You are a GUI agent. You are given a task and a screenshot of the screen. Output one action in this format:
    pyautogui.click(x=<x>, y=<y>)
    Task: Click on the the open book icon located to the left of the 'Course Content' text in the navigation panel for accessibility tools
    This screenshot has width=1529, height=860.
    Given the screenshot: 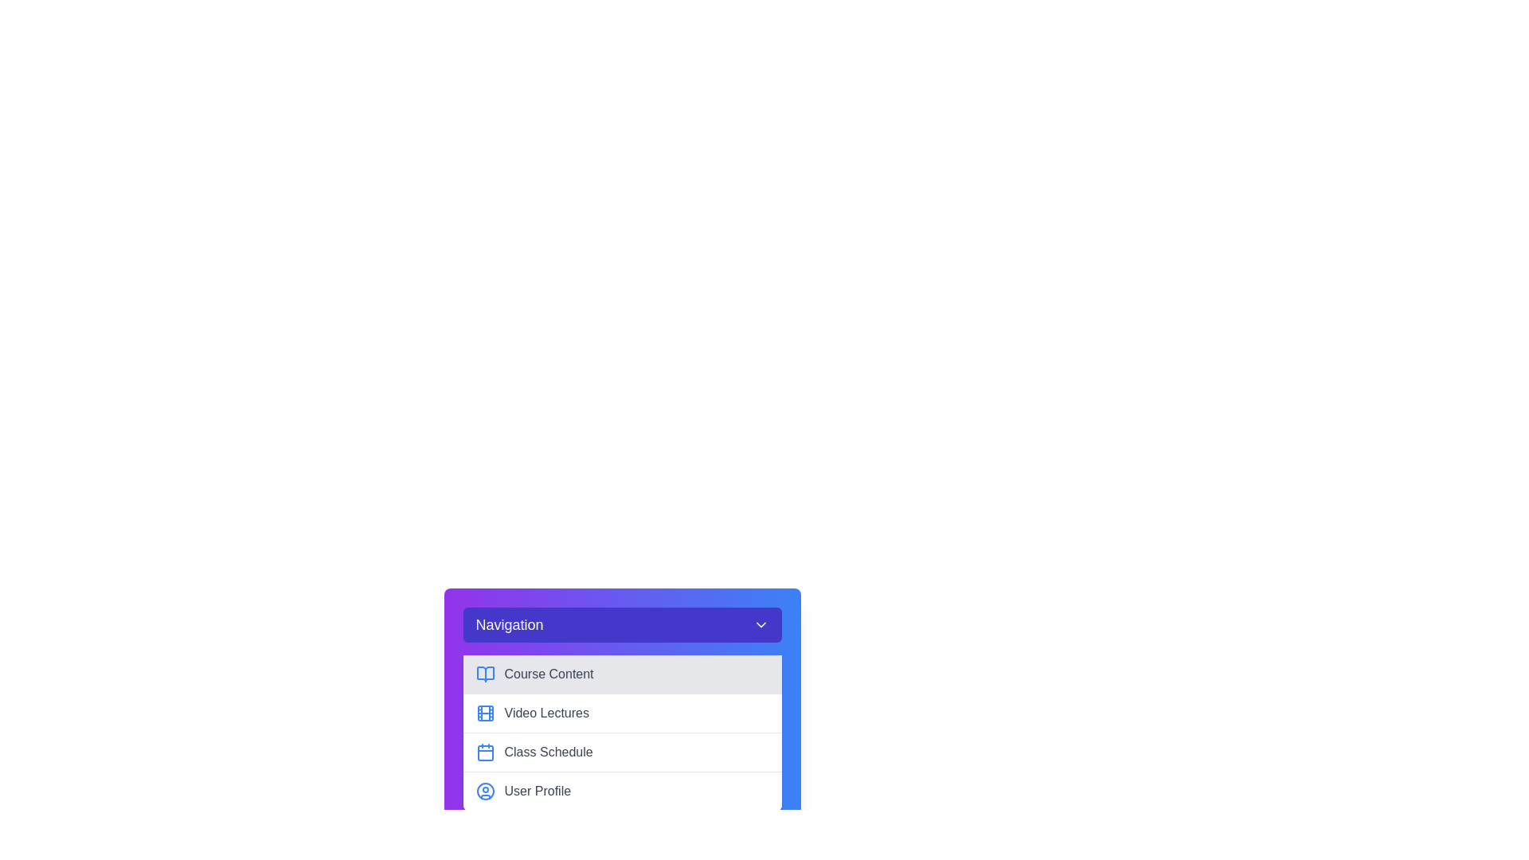 What is the action you would take?
    pyautogui.click(x=484, y=674)
    